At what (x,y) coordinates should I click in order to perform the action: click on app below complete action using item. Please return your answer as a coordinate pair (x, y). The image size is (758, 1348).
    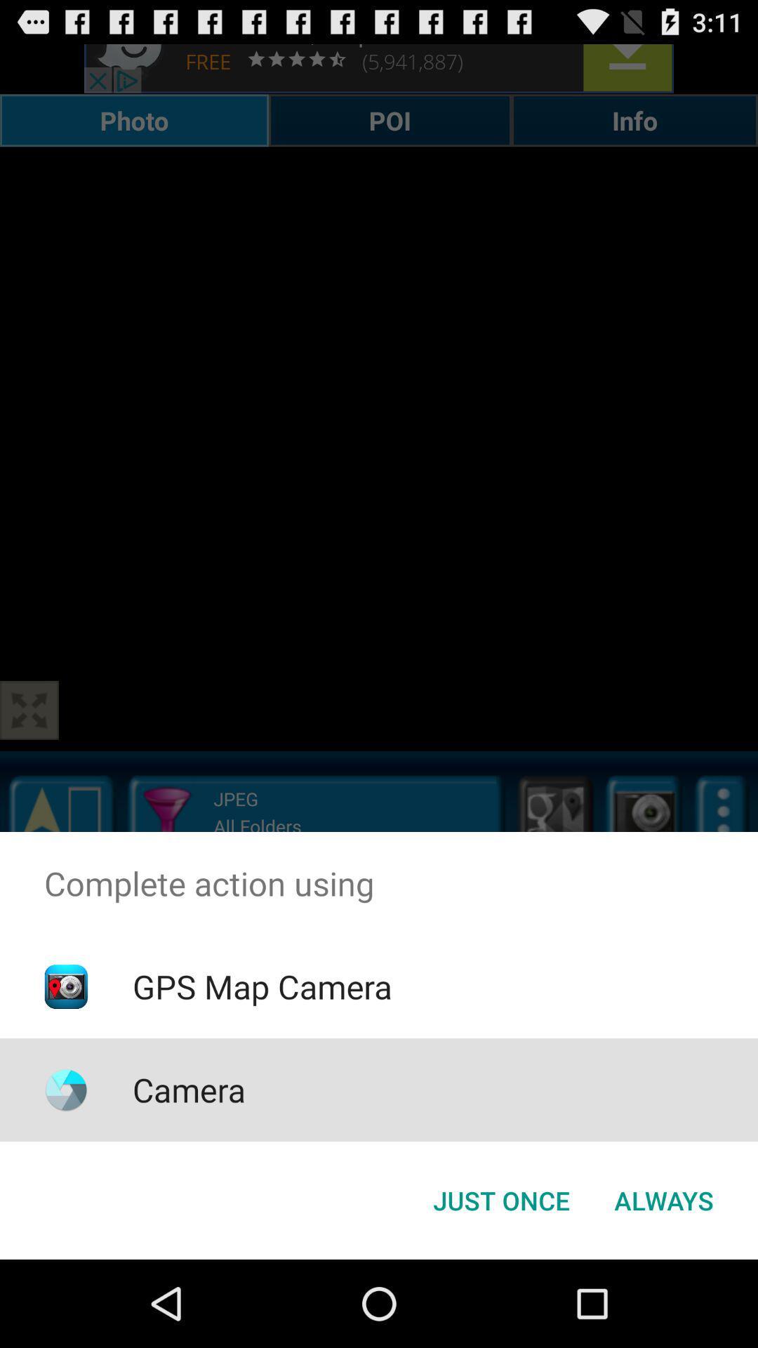
    Looking at the image, I should click on (500, 1199).